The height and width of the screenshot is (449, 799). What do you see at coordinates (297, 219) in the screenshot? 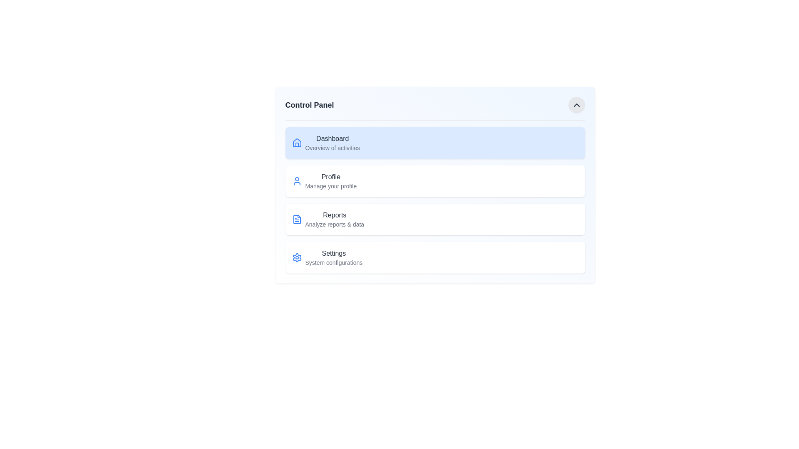
I see `the 'Reports' section icon in the Control Panel layout to enhance recognition and navigation` at bounding box center [297, 219].